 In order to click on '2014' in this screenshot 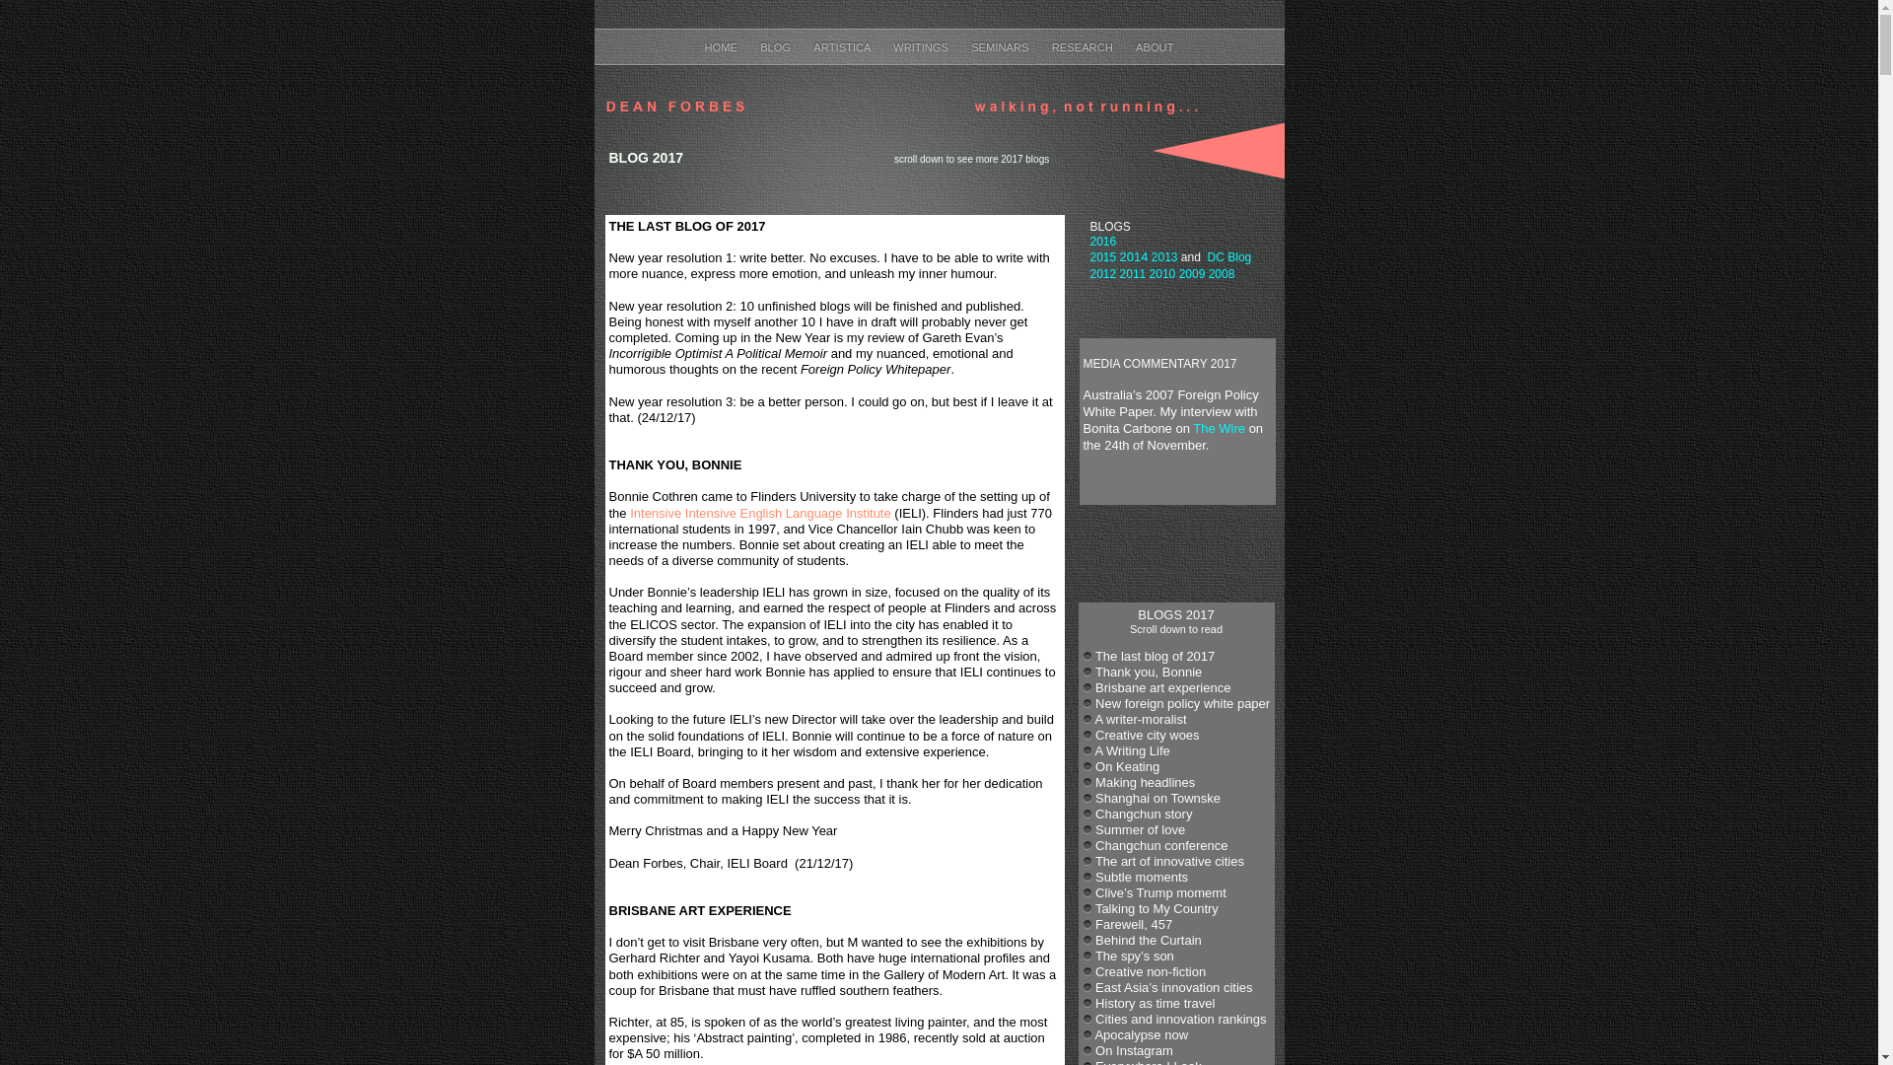, I will do `click(1134, 255)`.